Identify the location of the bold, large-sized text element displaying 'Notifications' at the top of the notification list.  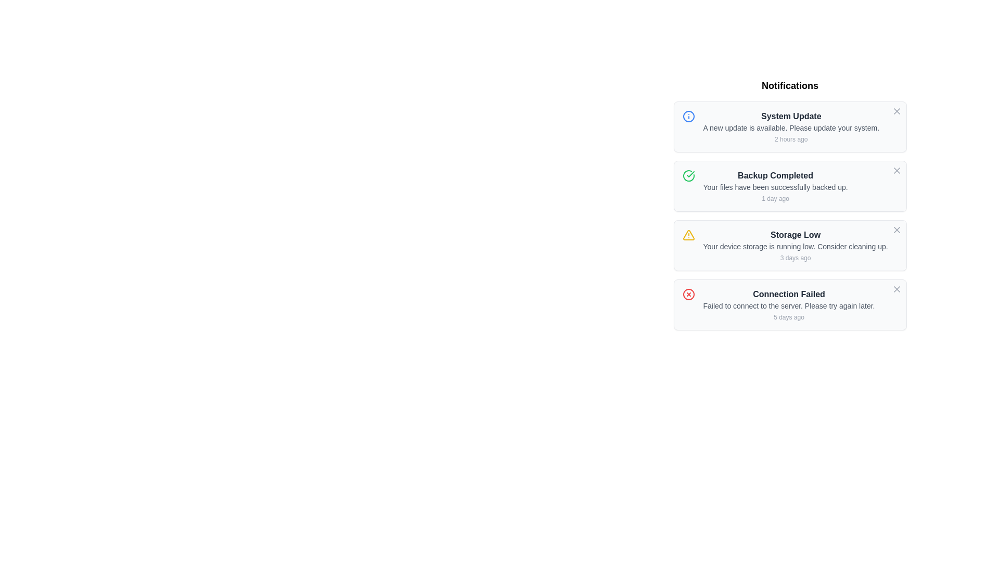
(790, 85).